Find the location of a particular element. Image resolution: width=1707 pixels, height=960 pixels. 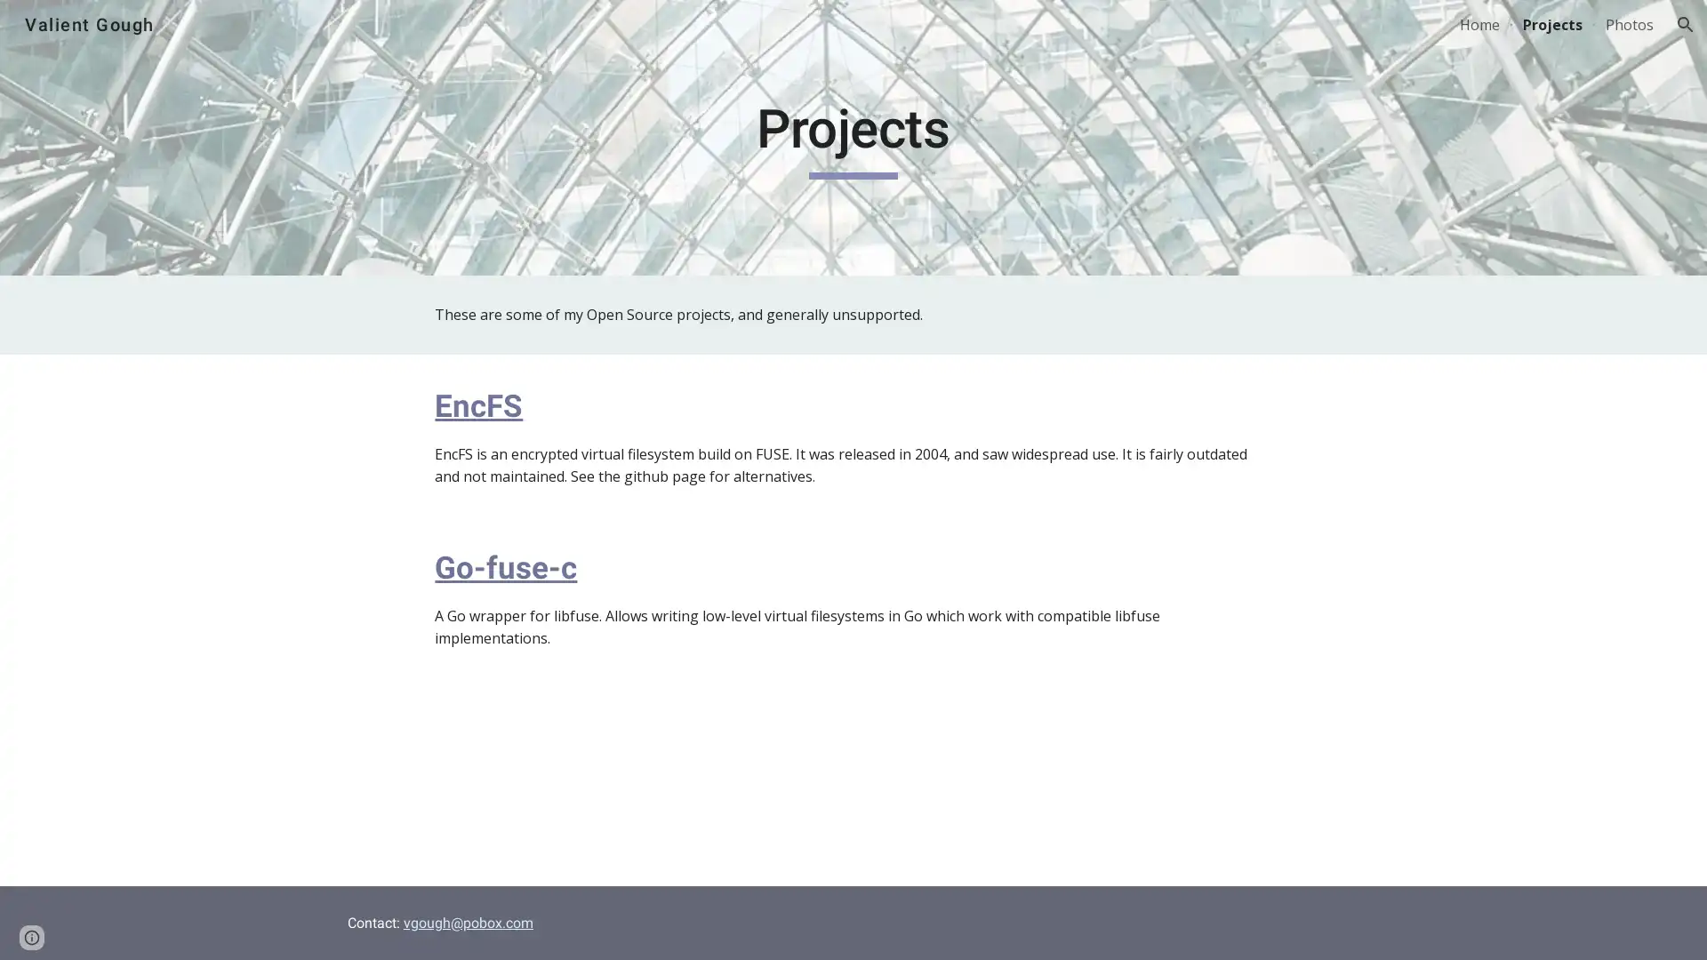

Google Sites is located at coordinates (137, 928).